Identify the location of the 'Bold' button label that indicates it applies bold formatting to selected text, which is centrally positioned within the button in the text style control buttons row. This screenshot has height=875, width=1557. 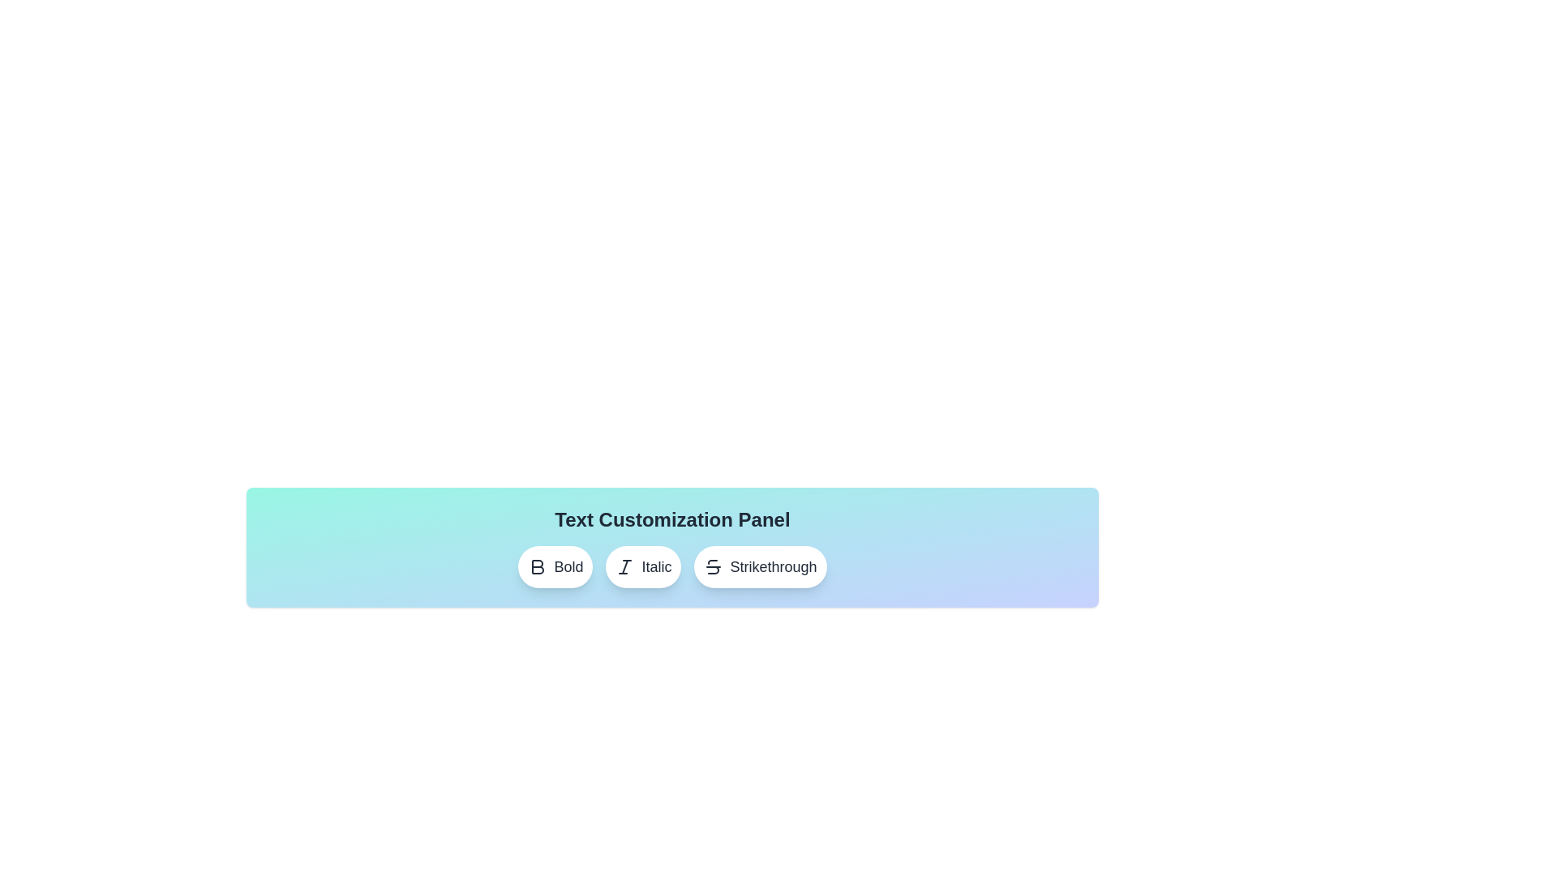
(568, 566).